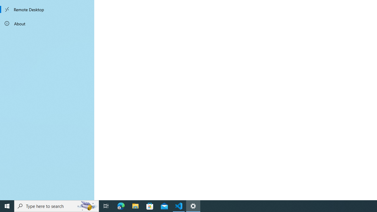  I want to click on 'Microsoft Edge', so click(121, 206).